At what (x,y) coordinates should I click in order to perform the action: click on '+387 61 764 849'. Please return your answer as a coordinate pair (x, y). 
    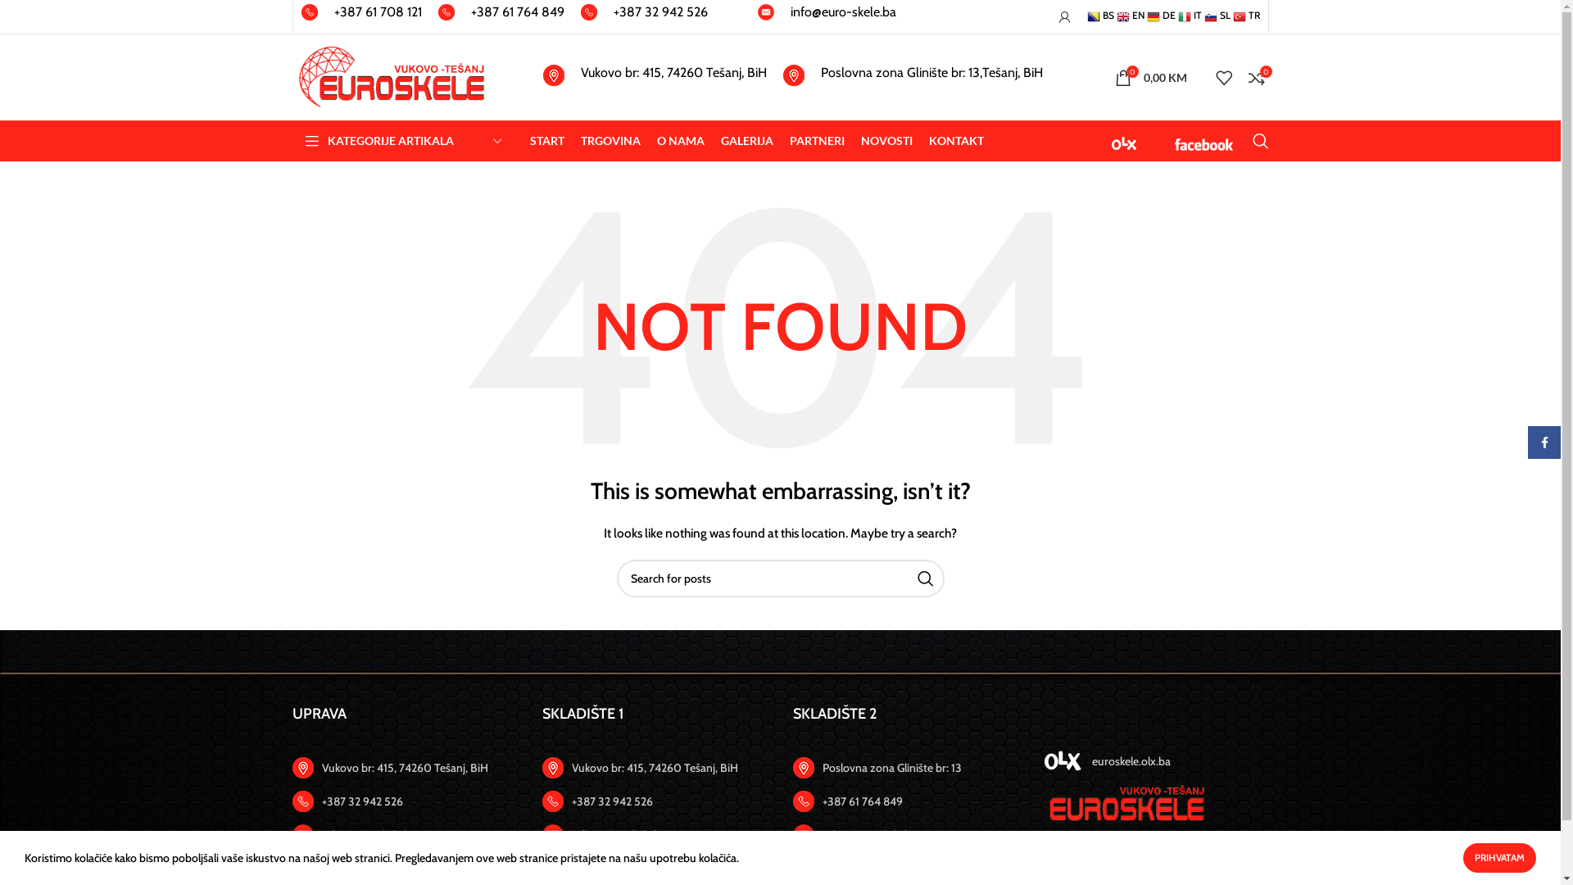
    Looking at the image, I should click on (499, 16).